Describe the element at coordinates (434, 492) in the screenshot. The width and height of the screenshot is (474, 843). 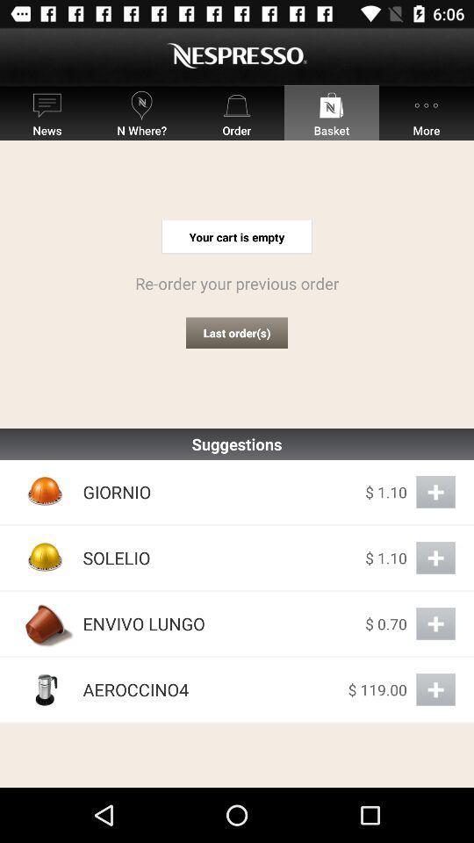
I see `product` at that location.